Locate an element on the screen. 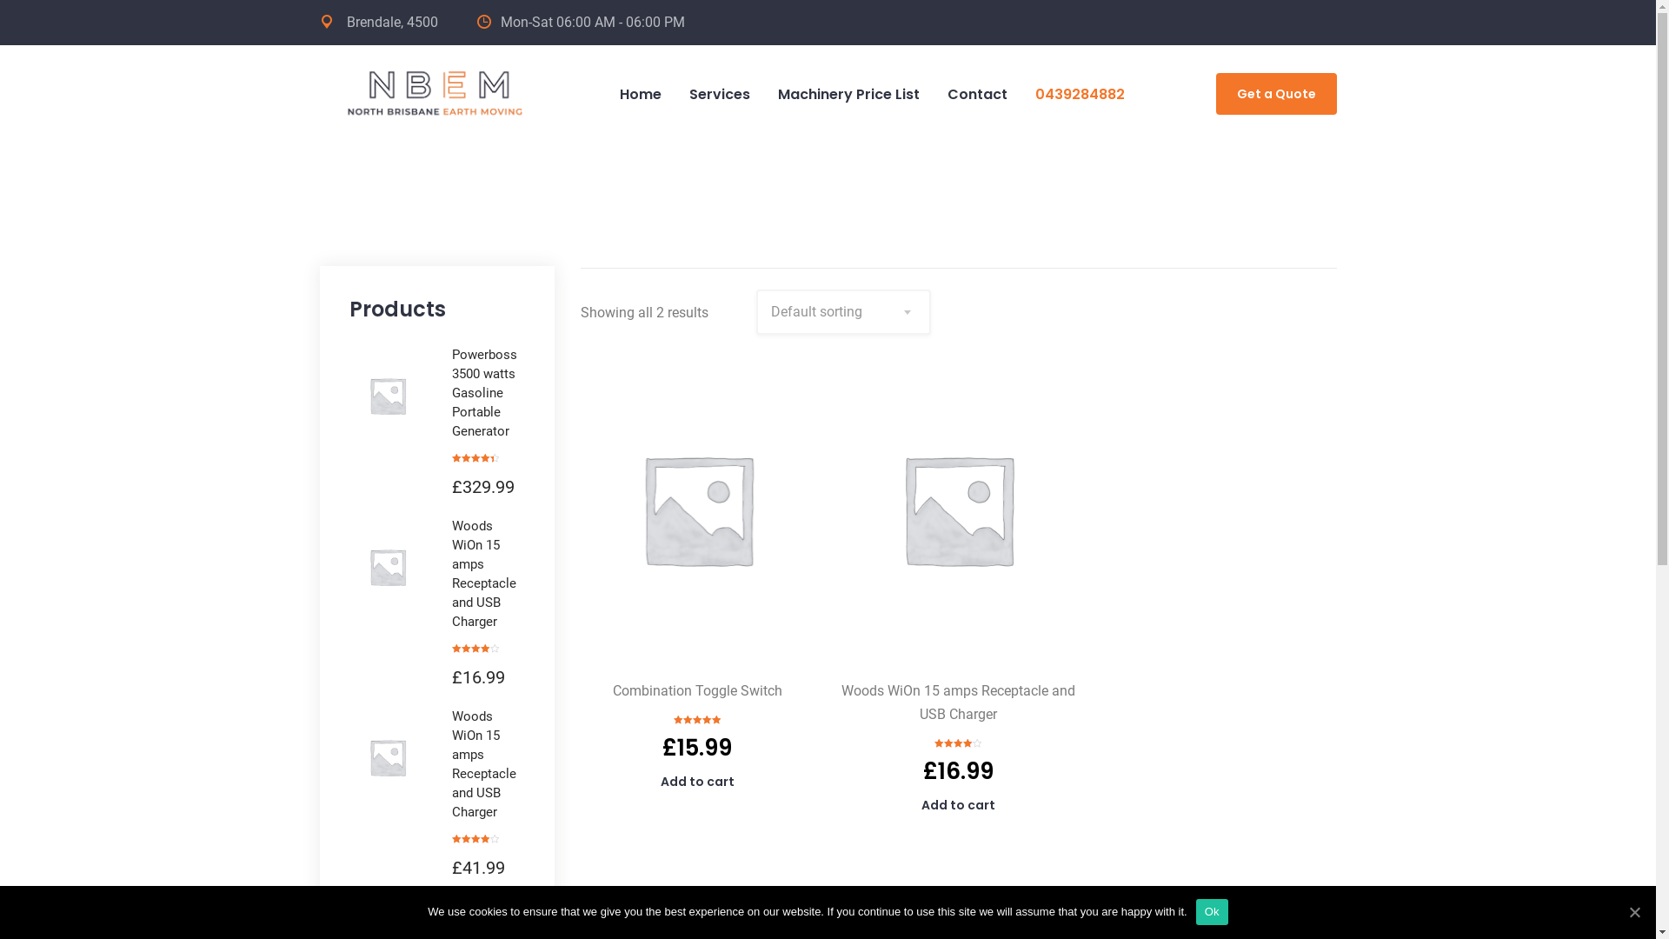 The height and width of the screenshot is (939, 1669). 'Woods WiOn 15 amps Receptacle and USB Charger' is located at coordinates (451, 763).